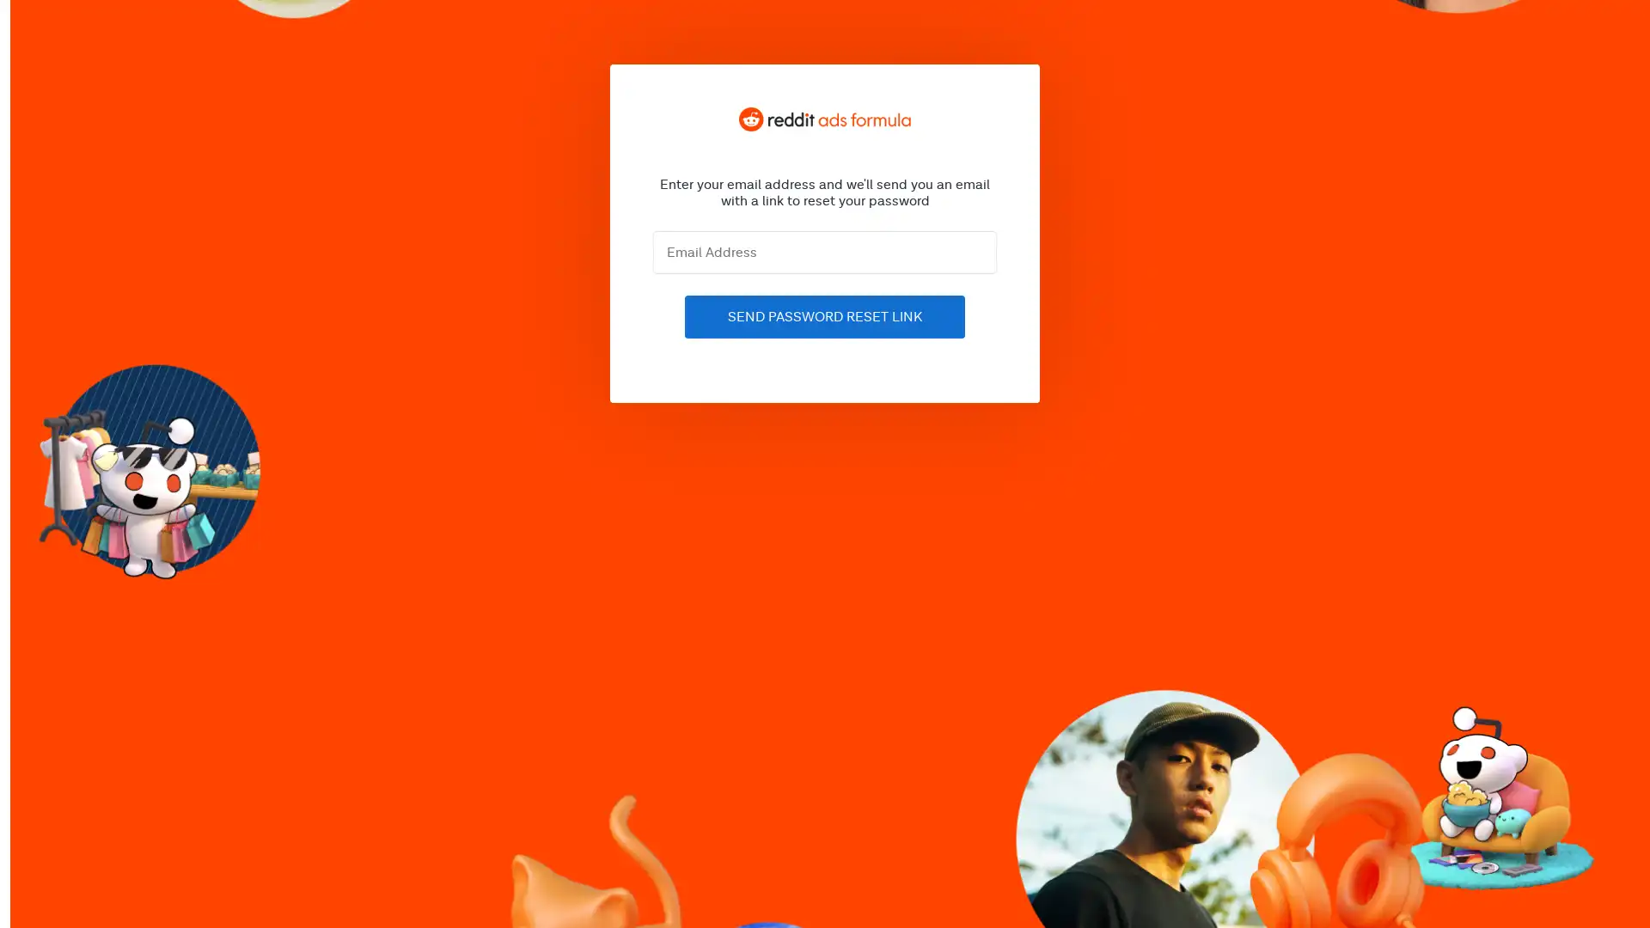 The height and width of the screenshot is (928, 1650). What do you see at coordinates (825, 317) in the screenshot?
I see `SEND PASSWORD RESET LINK` at bounding box center [825, 317].